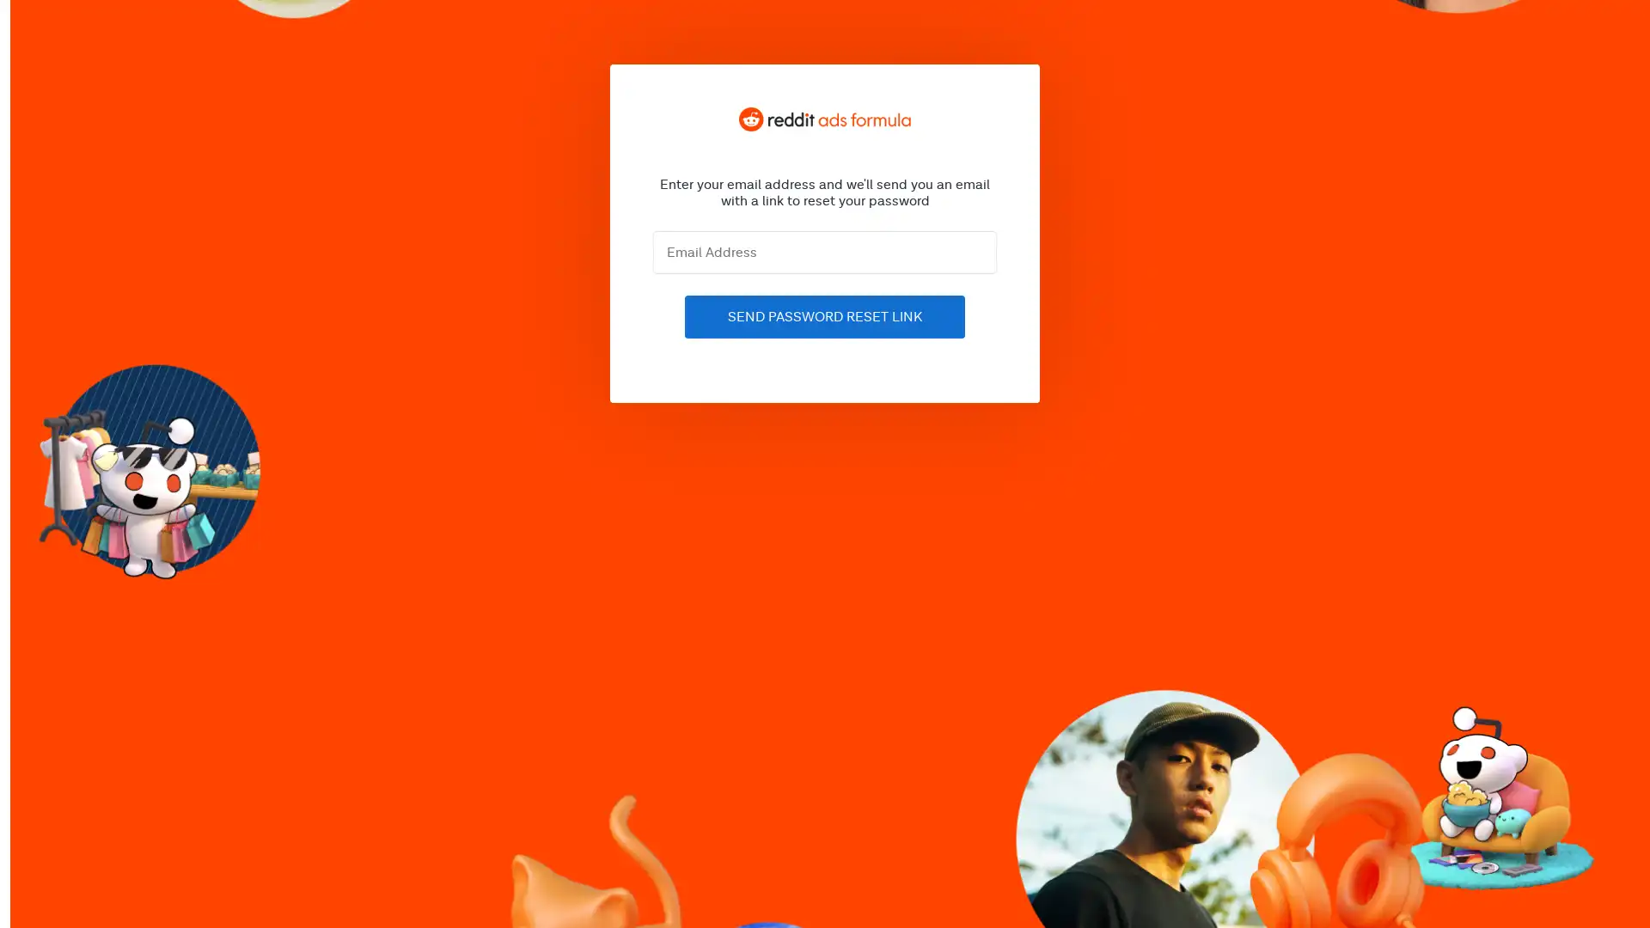 The height and width of the screenshot is (928, 1650). What do you see at coordinates (825, 317) in the screenshot?
I see `SEND PASSWORD RESET LINK` at bounding box center [825, 317].